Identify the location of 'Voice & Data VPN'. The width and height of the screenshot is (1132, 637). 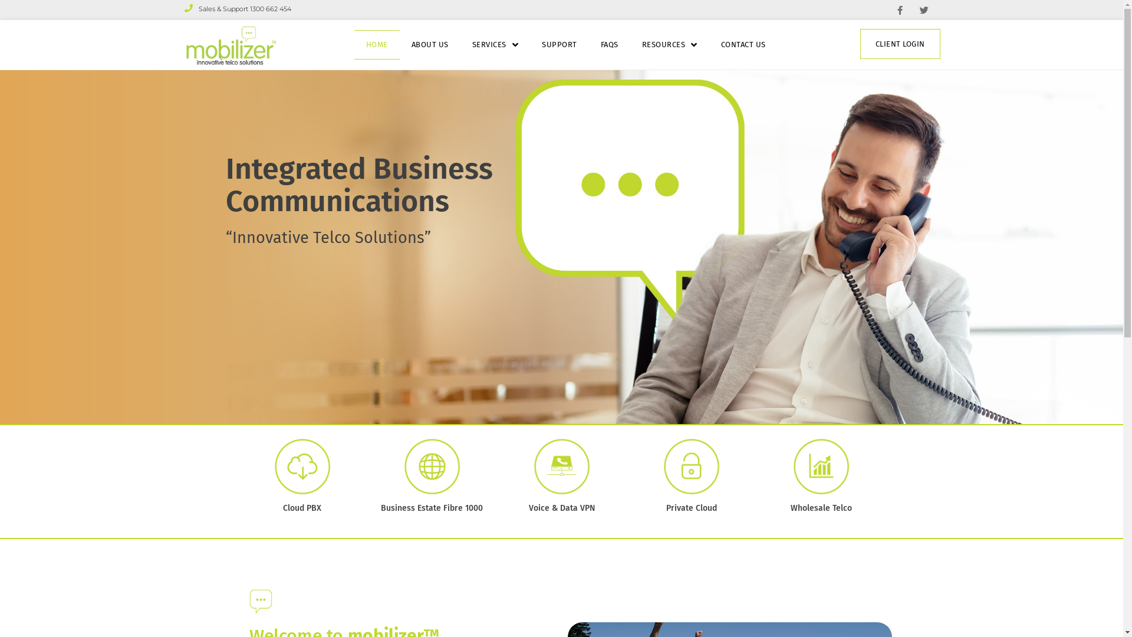
(560, 507).